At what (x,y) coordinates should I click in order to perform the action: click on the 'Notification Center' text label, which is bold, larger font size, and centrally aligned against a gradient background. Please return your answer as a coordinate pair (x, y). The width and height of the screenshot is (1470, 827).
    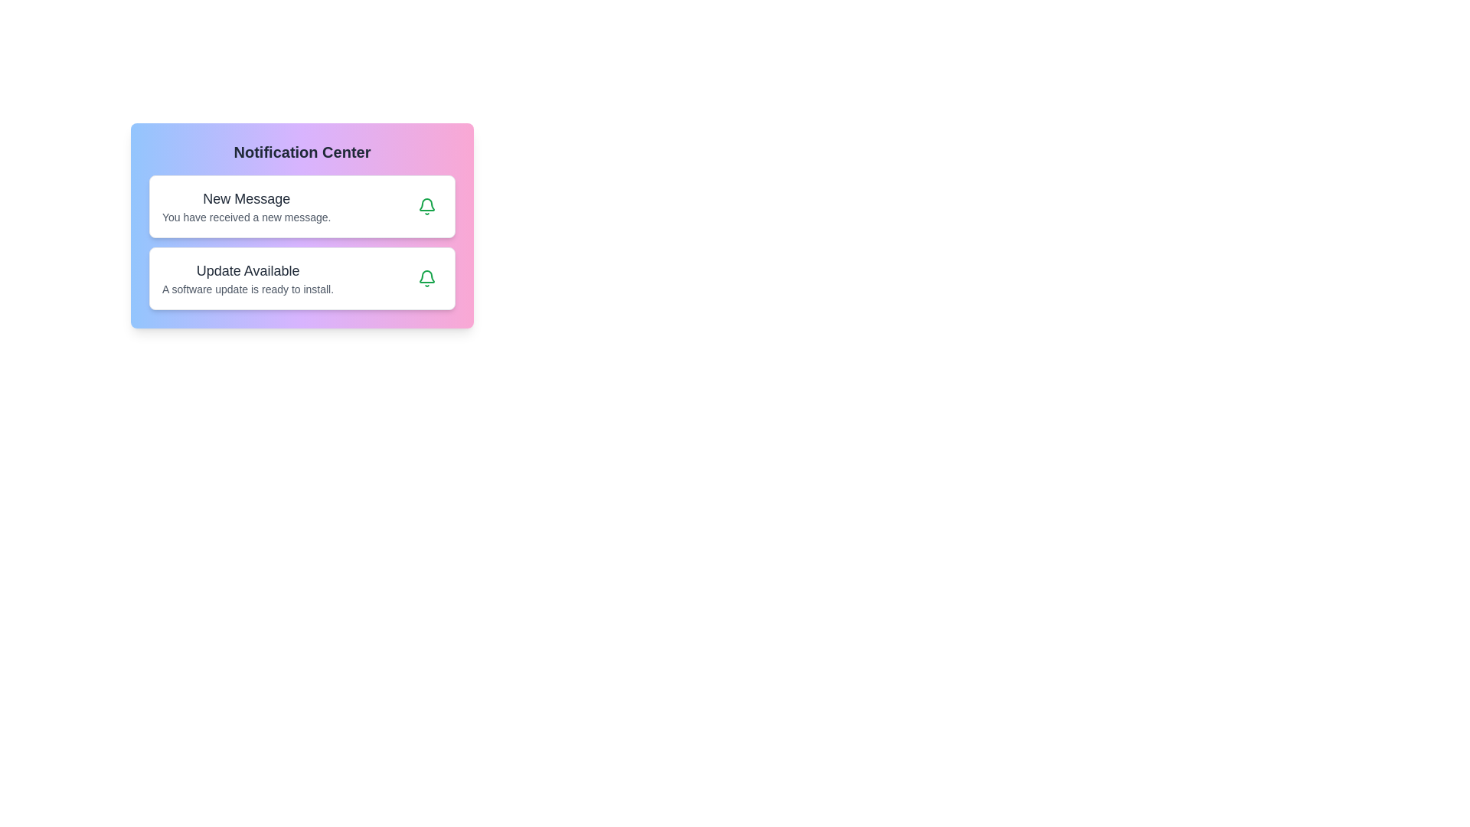
    Looking at the image, I should click on (302, 152).